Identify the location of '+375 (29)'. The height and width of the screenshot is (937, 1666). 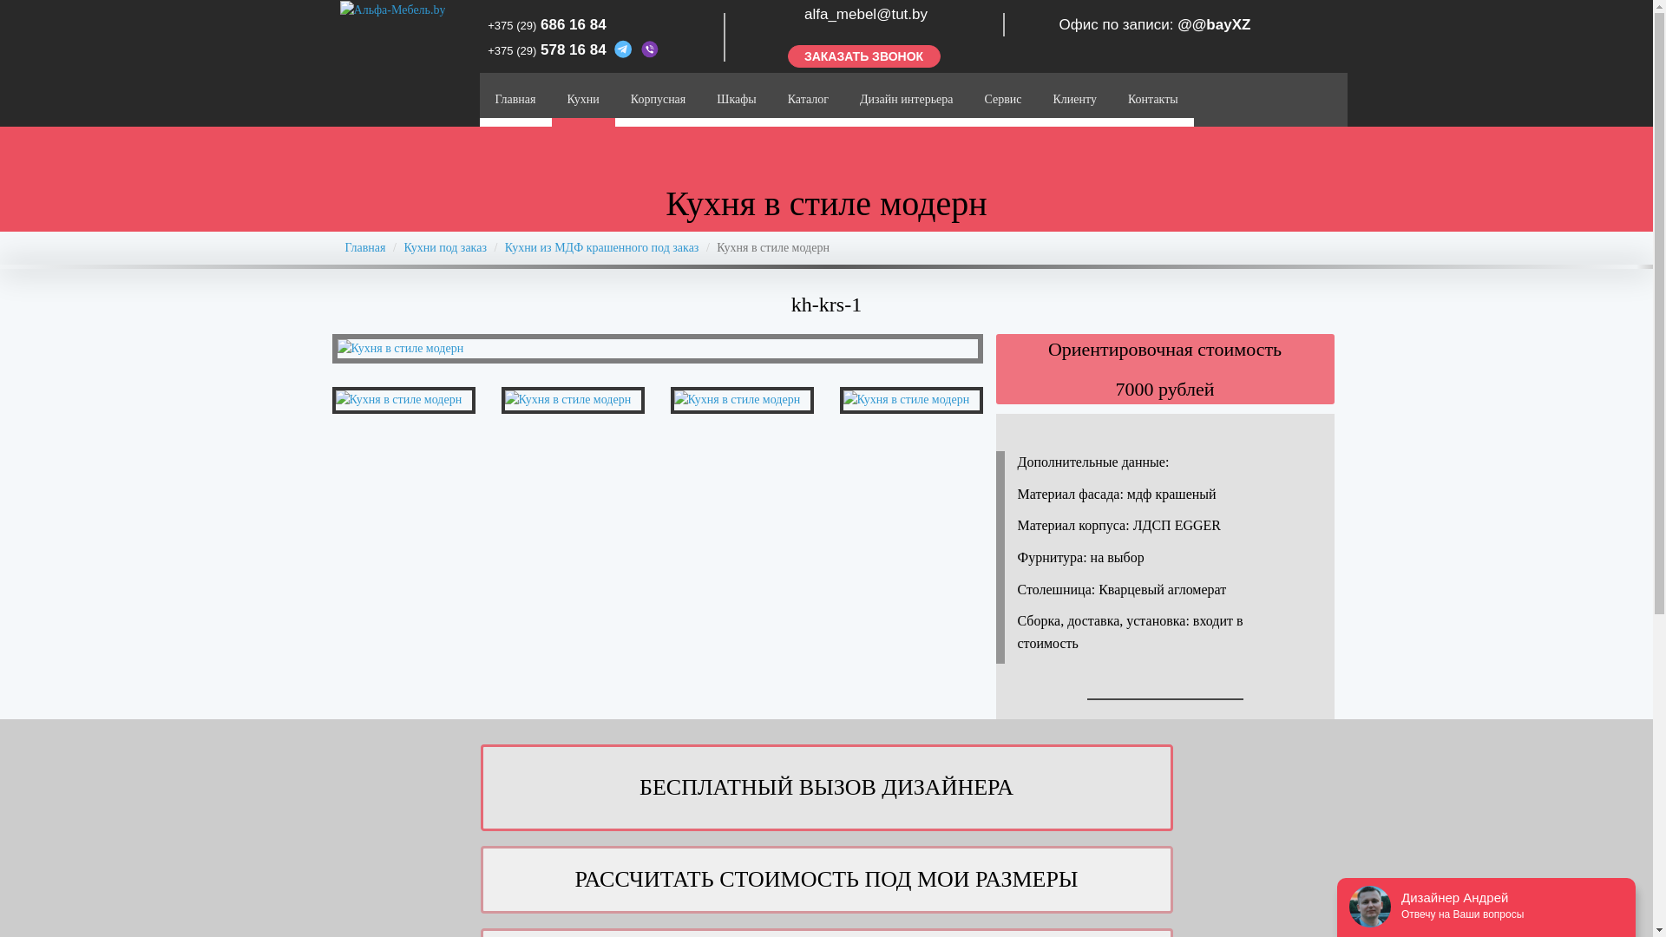
(486, 49).